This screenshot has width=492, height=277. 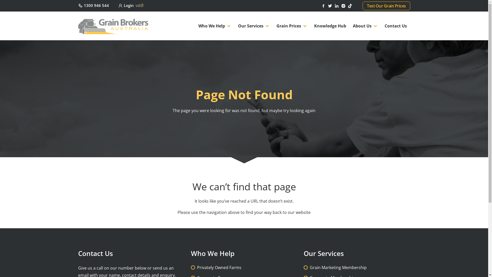 I want to click on 'Tiktok', so click(x=350, y=5).